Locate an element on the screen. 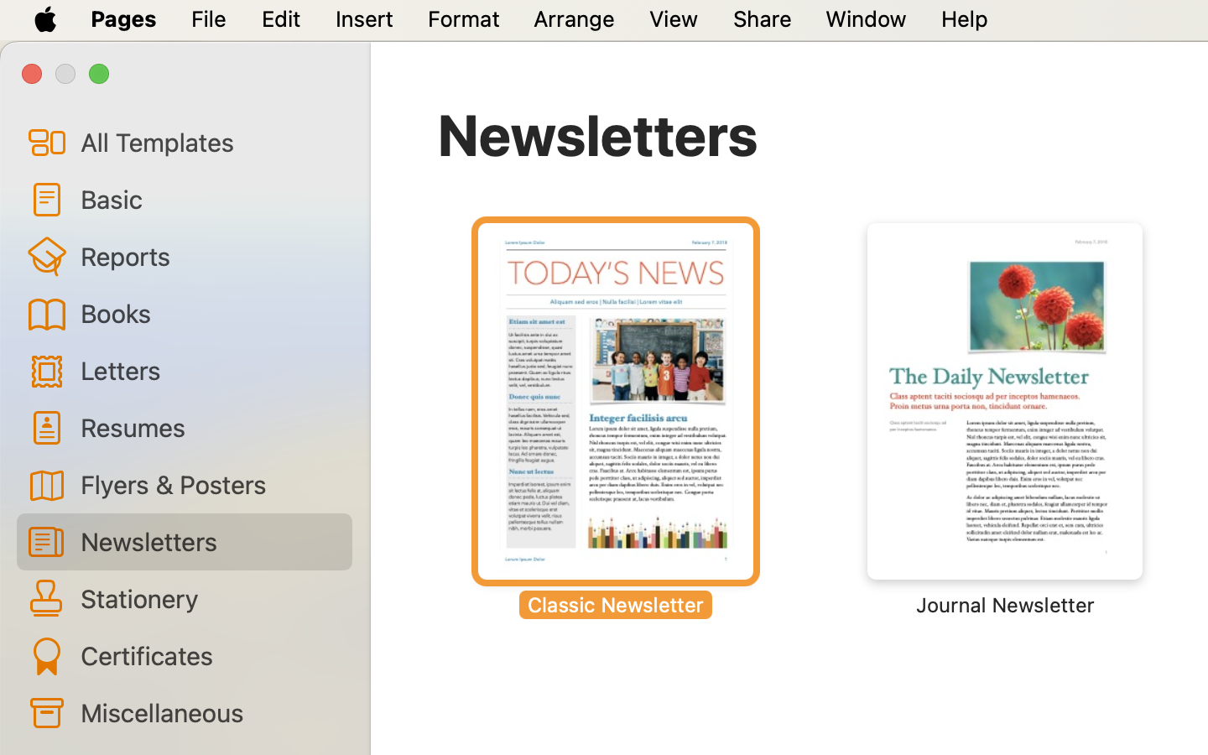 The width and height of the screenshot is (1208, 755). 'Books' is located at coordinates (208, 312).